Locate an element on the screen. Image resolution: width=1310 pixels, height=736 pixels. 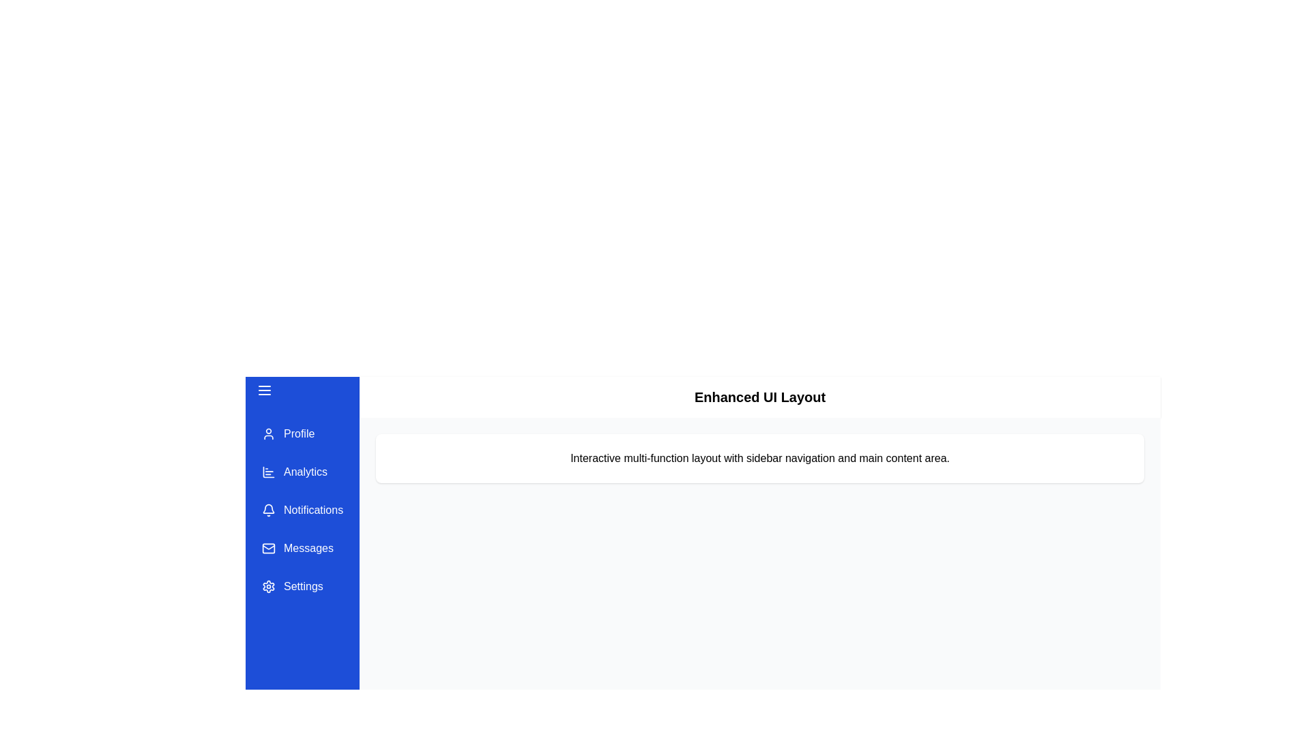
the 'Analytics' text label in the navigation menu is located at coordinates (304, 472).